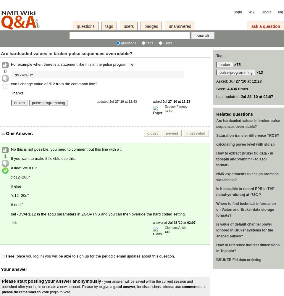  What do you see at coordinates (124, 287) in the screenshot?
I see `'good answer'` at bounding box center [124, 287].